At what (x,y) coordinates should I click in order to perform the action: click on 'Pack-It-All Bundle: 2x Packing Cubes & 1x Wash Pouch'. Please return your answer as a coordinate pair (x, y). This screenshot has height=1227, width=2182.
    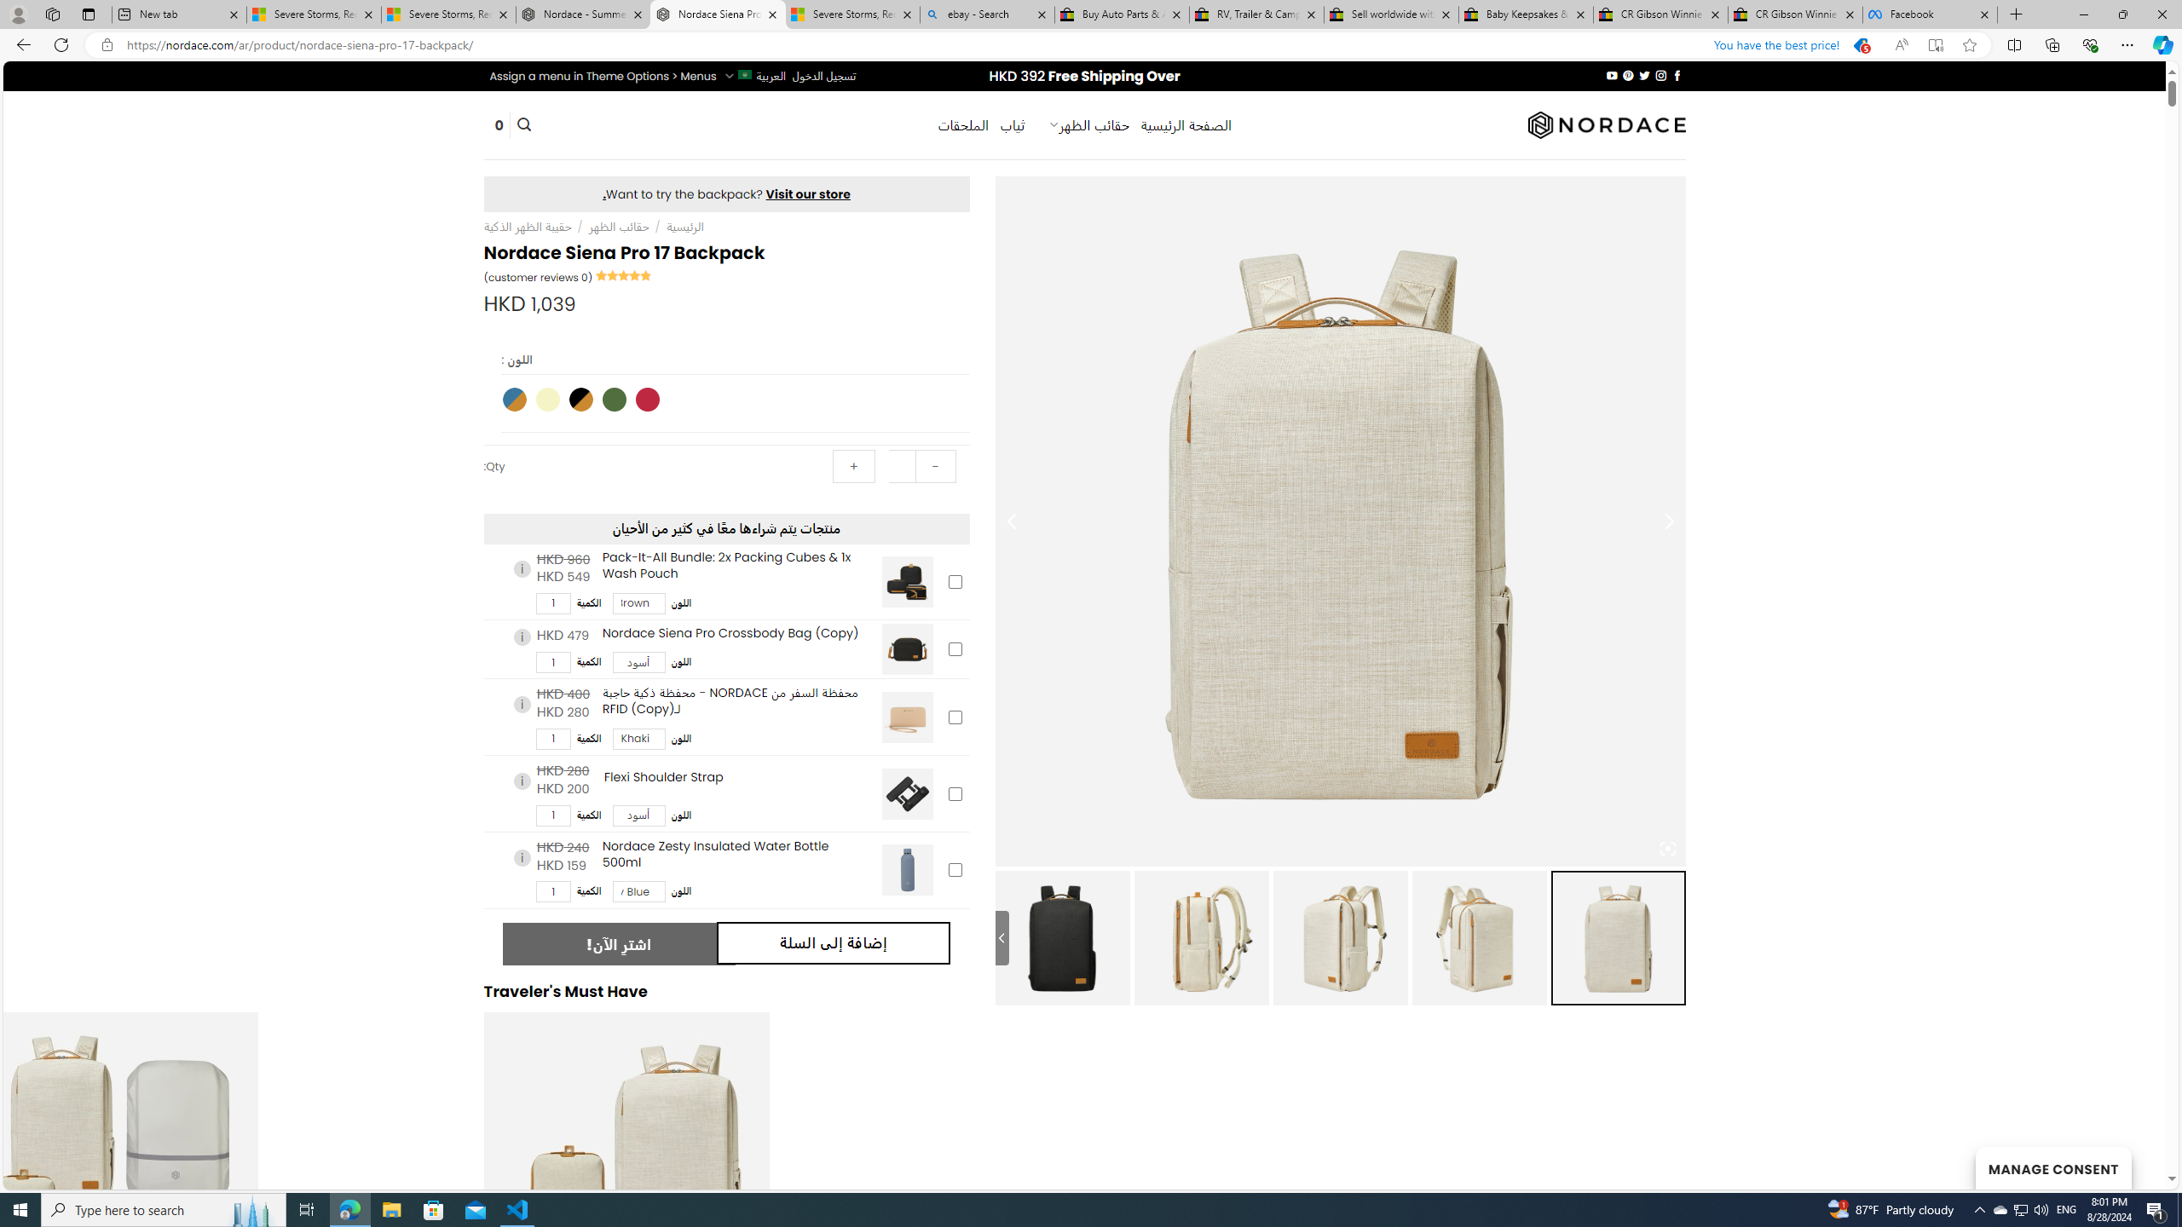
    Looking at the image, I should click on (906, 580).